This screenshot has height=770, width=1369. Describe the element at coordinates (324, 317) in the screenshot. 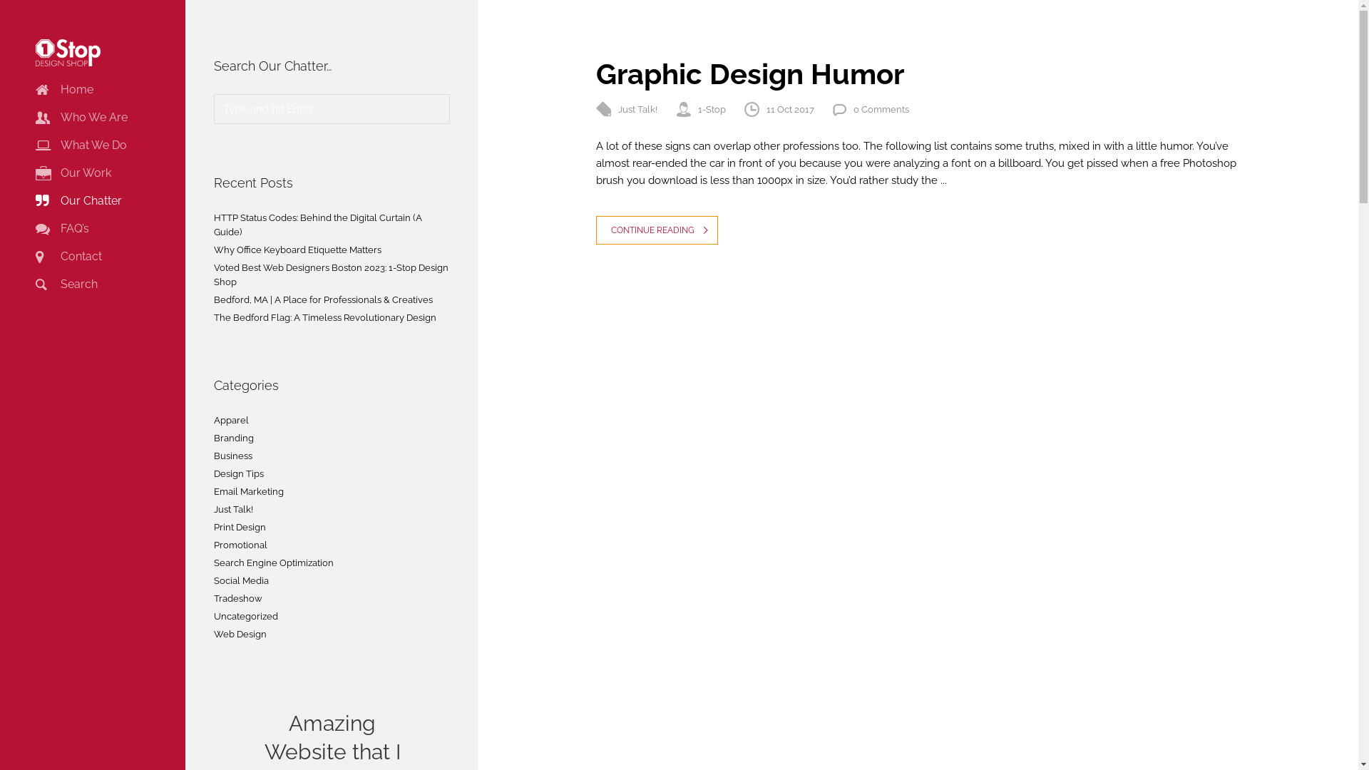

I see `'The Bedford Flag: A Timeless Revolutionary Design'` at that location.